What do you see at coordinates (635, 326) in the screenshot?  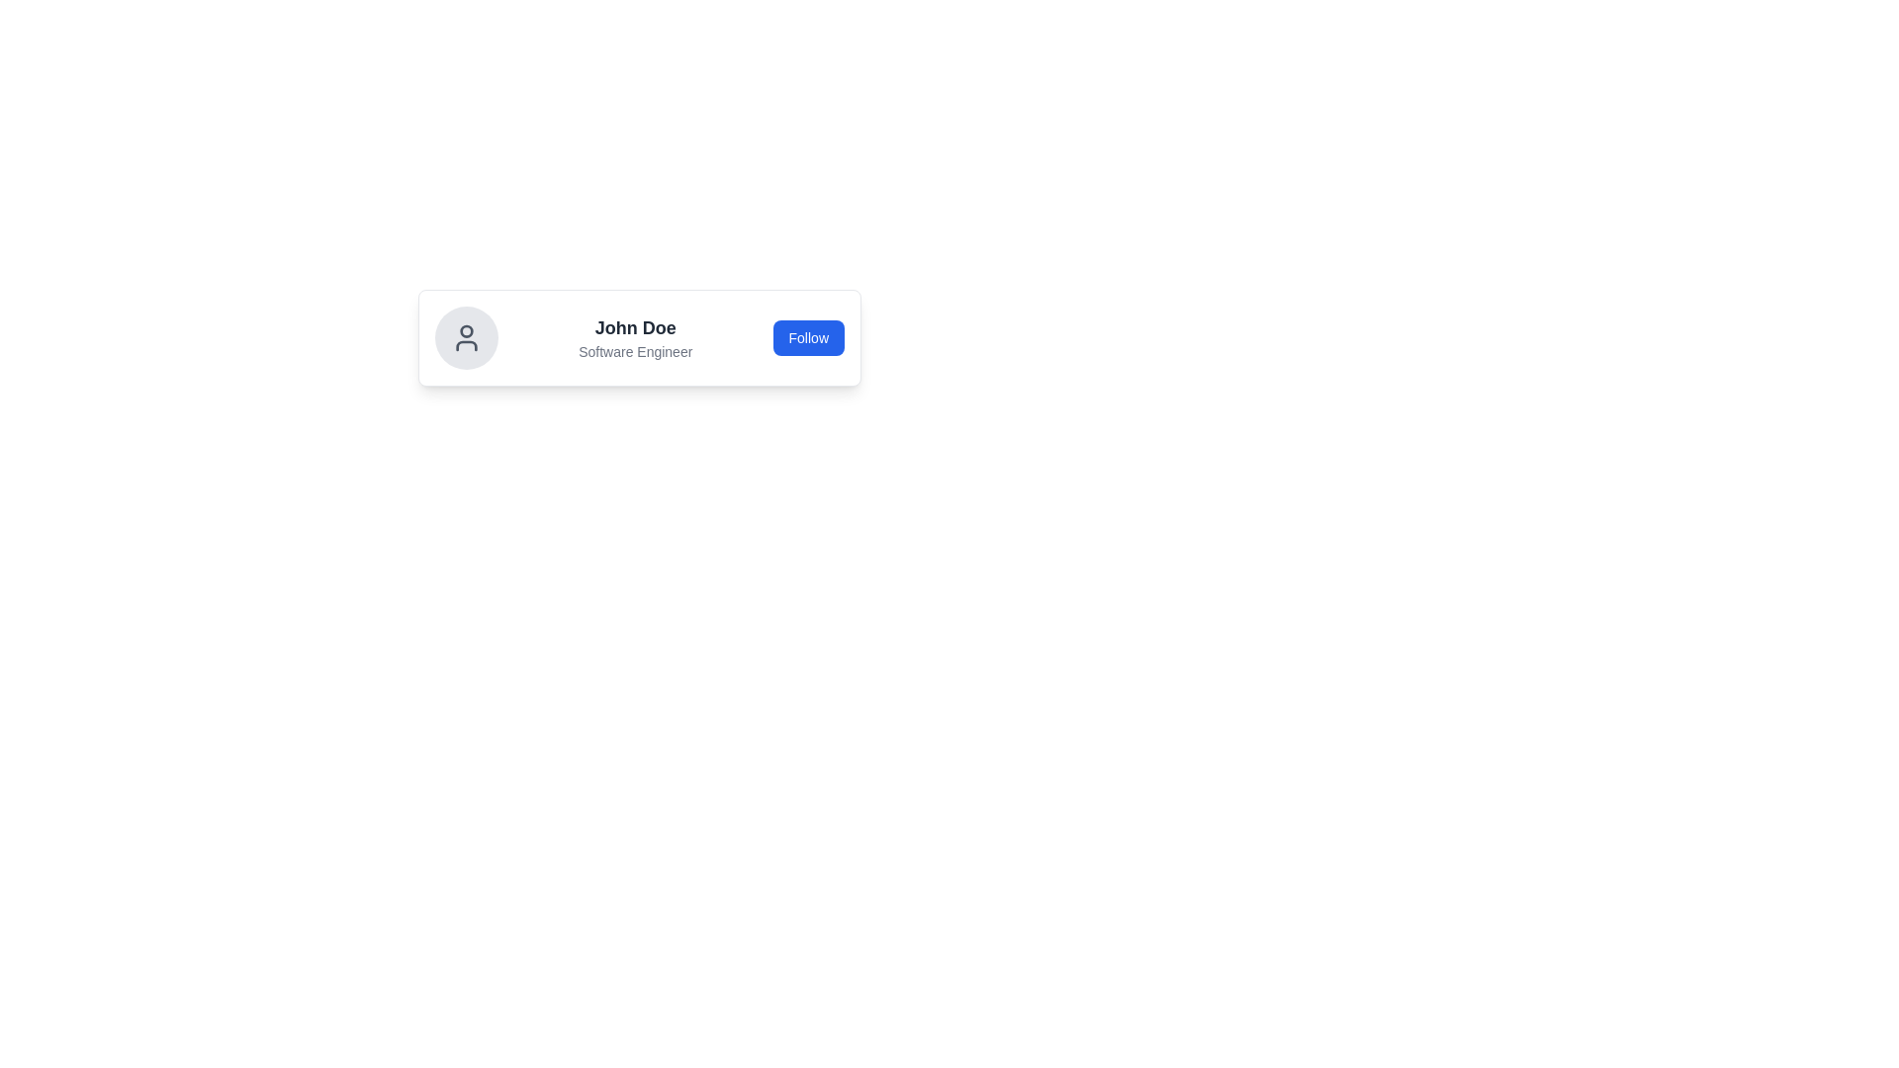 I see `the text label displaying 'John Doe', which is in a bold and large font located above the text 'Software Engineer' within a user information card` at bounding box center [635, 326].